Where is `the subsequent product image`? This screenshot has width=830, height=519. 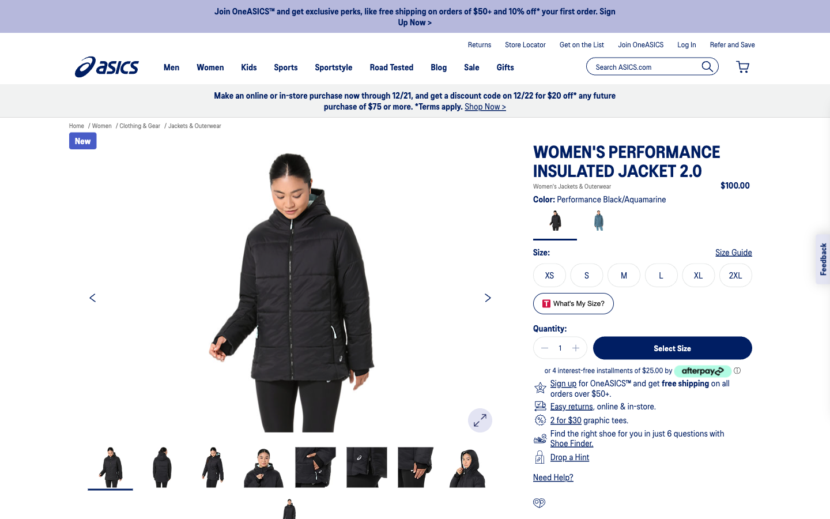
the subsequent product image is located at coordinates (487, 296).